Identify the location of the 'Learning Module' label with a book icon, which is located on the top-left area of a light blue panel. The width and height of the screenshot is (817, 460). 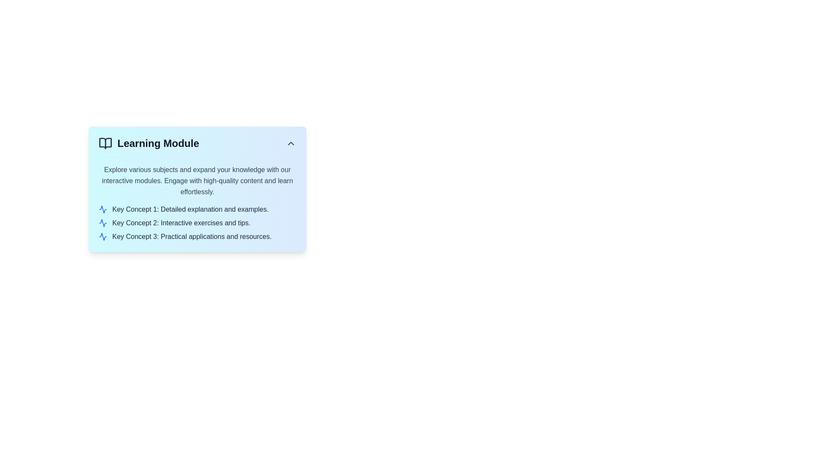
(149, 143).